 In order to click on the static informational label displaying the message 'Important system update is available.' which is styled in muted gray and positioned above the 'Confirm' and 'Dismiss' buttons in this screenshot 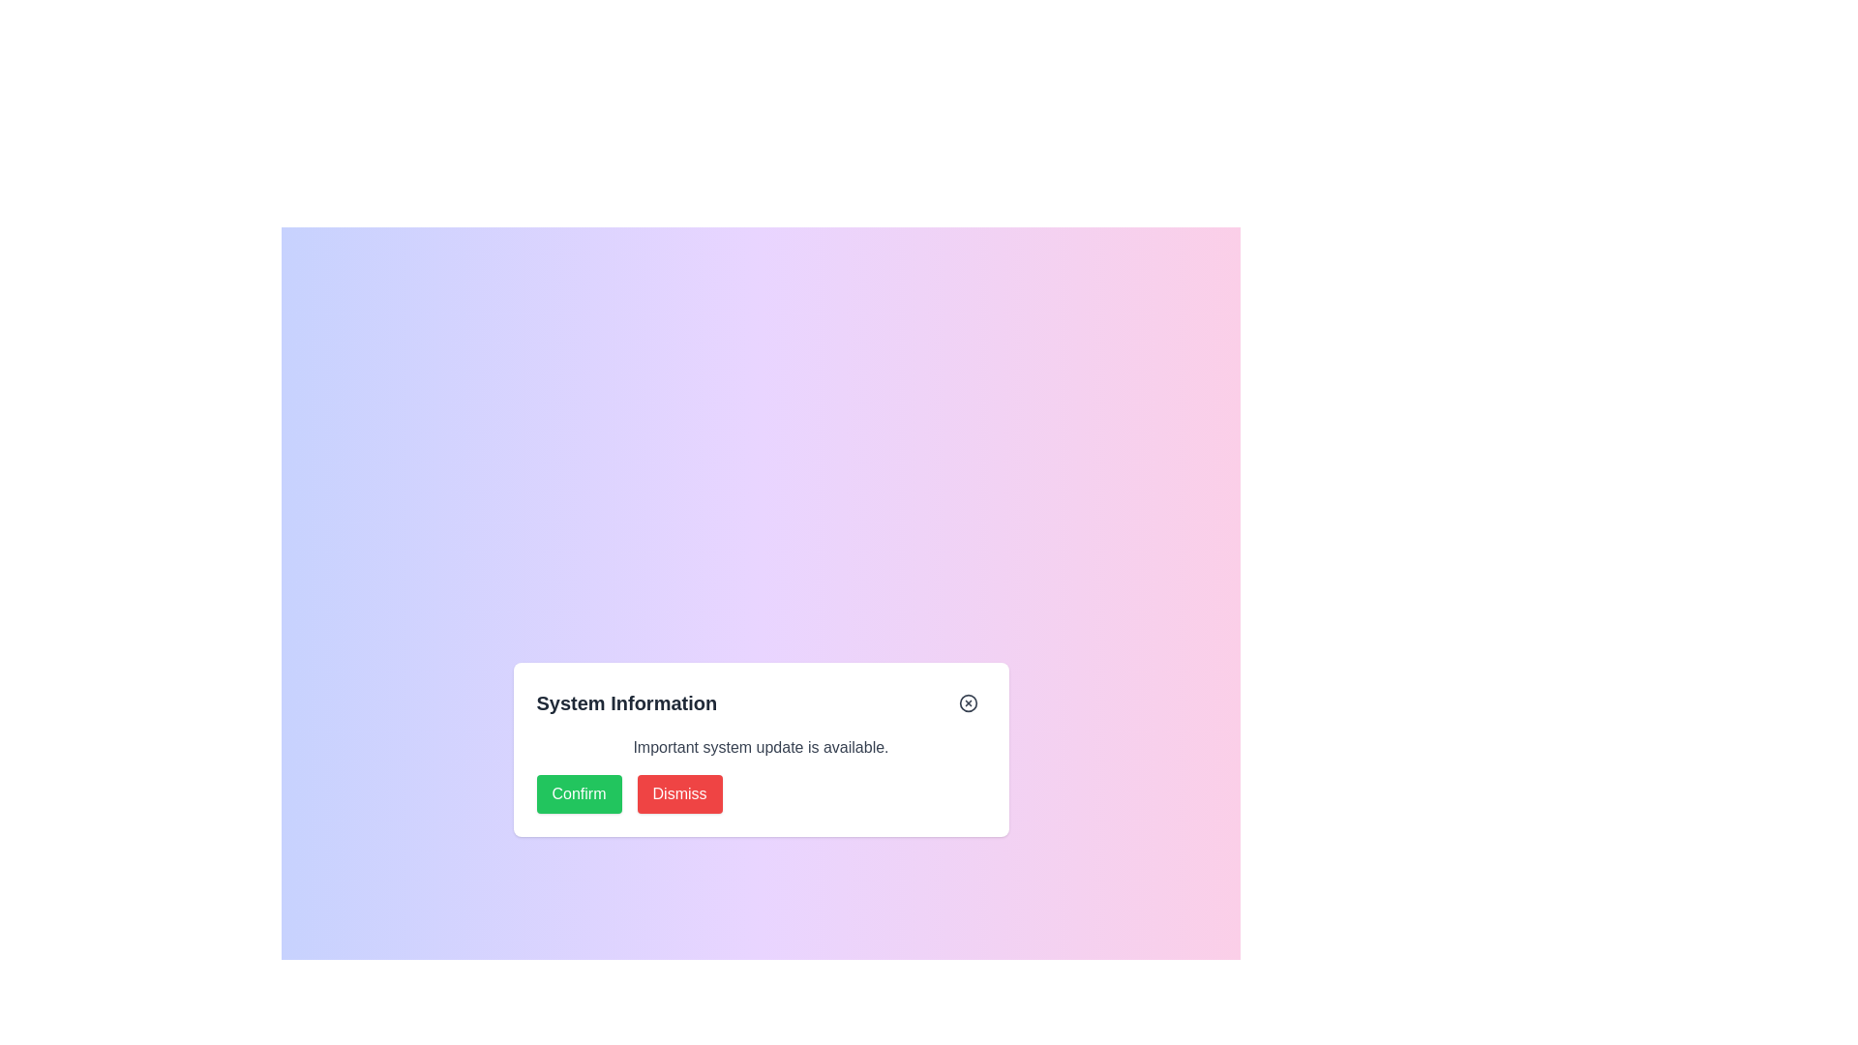, I will do `click(760, 746)`.